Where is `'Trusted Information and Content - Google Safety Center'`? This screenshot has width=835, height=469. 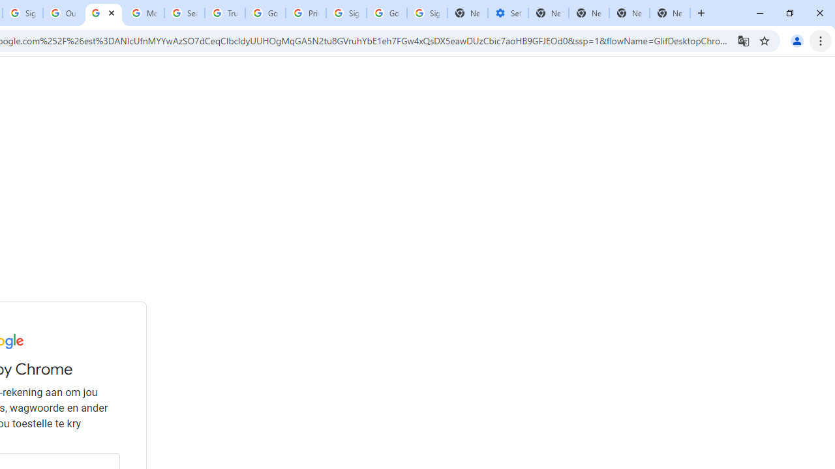 'Trusted Information and Content - Google Safety Center' is located at coordinates (224, 13).